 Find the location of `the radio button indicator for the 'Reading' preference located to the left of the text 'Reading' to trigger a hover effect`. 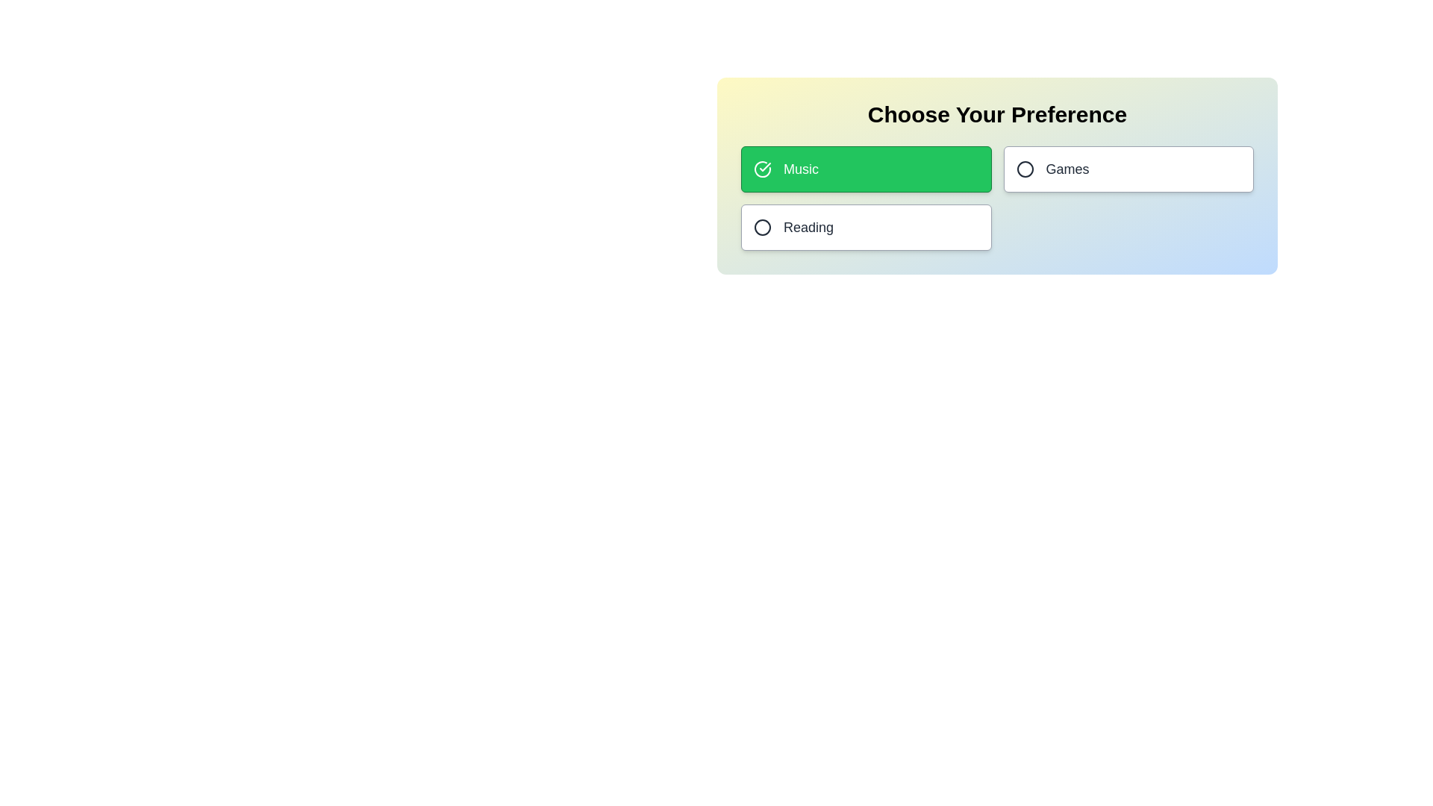

the radio button indicator for the 'Reading' preference located to the left of the text 'Reading' to trigger a hover effect is located at coordinates (763, 227).